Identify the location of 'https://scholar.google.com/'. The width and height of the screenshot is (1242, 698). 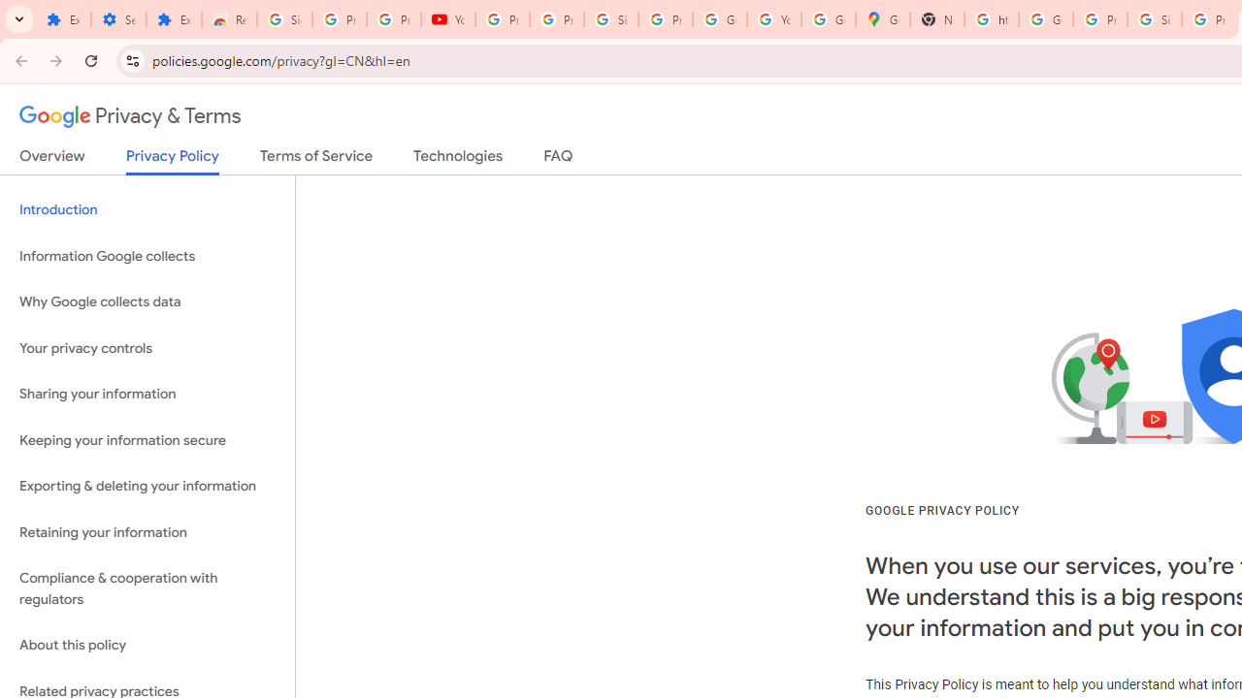
(992, 19).